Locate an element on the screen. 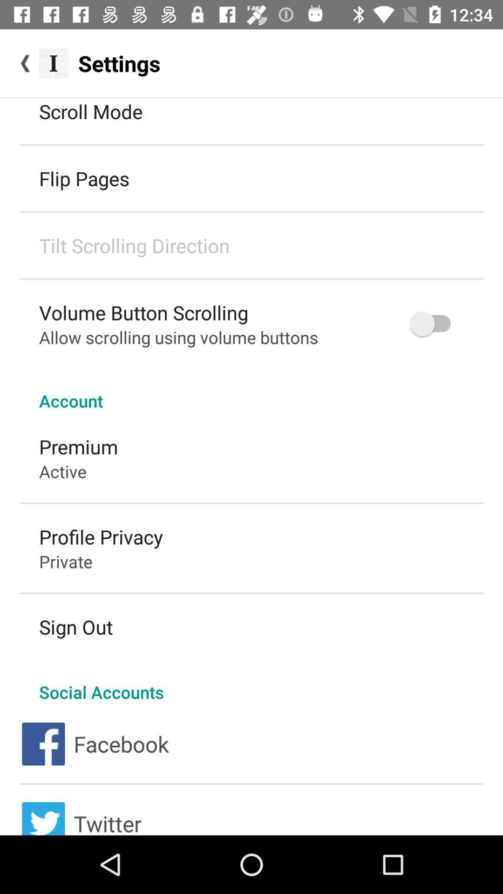 This screenshot has height=894, width=503. item to the right of the allow scrolling using item is located at coordinates (435, 324).